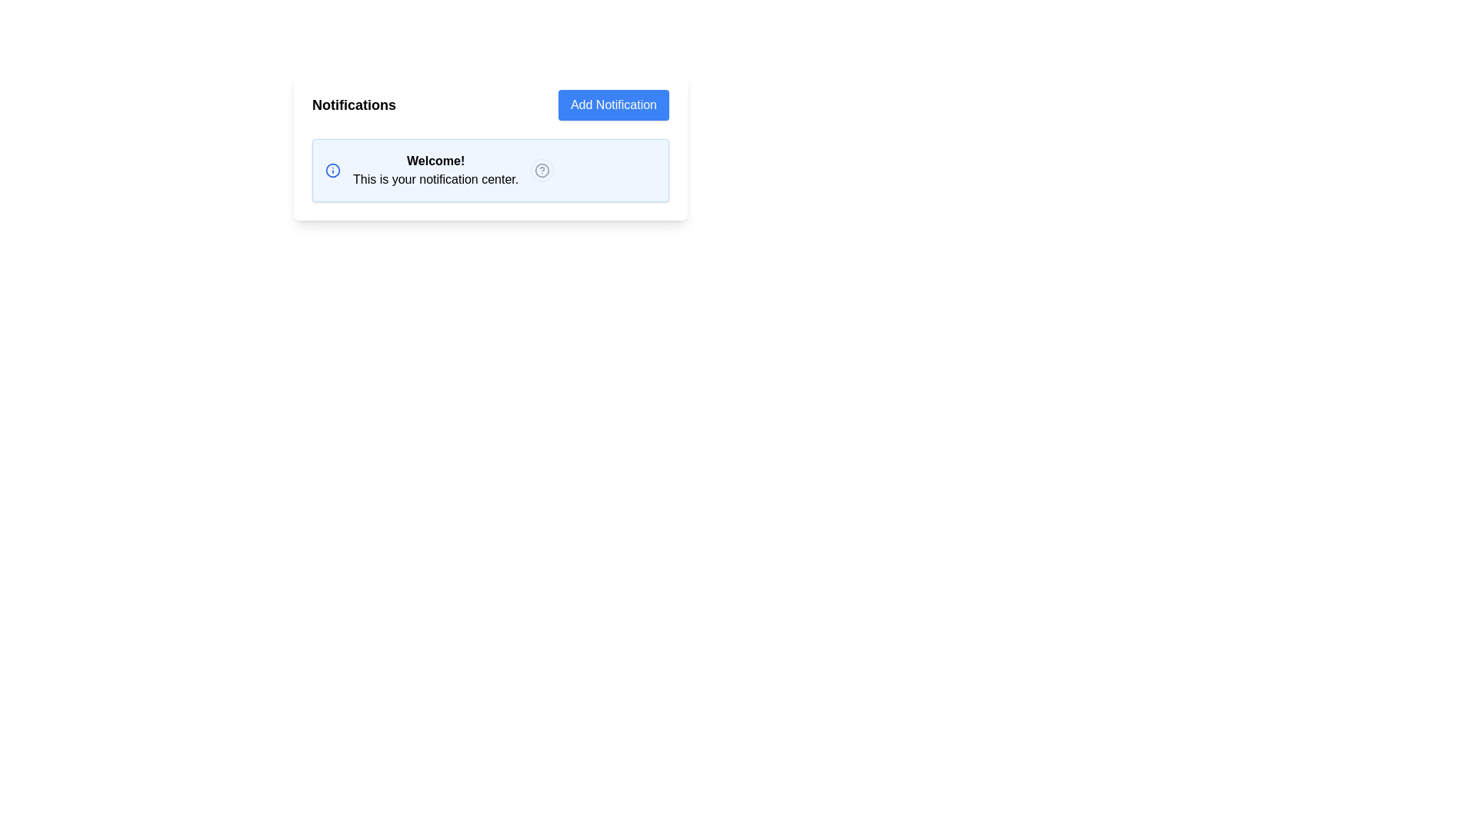 Image resolution: width=1477 pixels, height=830 pixels. I want to click on the contextual help icon located in the top-right corner of the notification box to observe a style change, so click(542, 171).